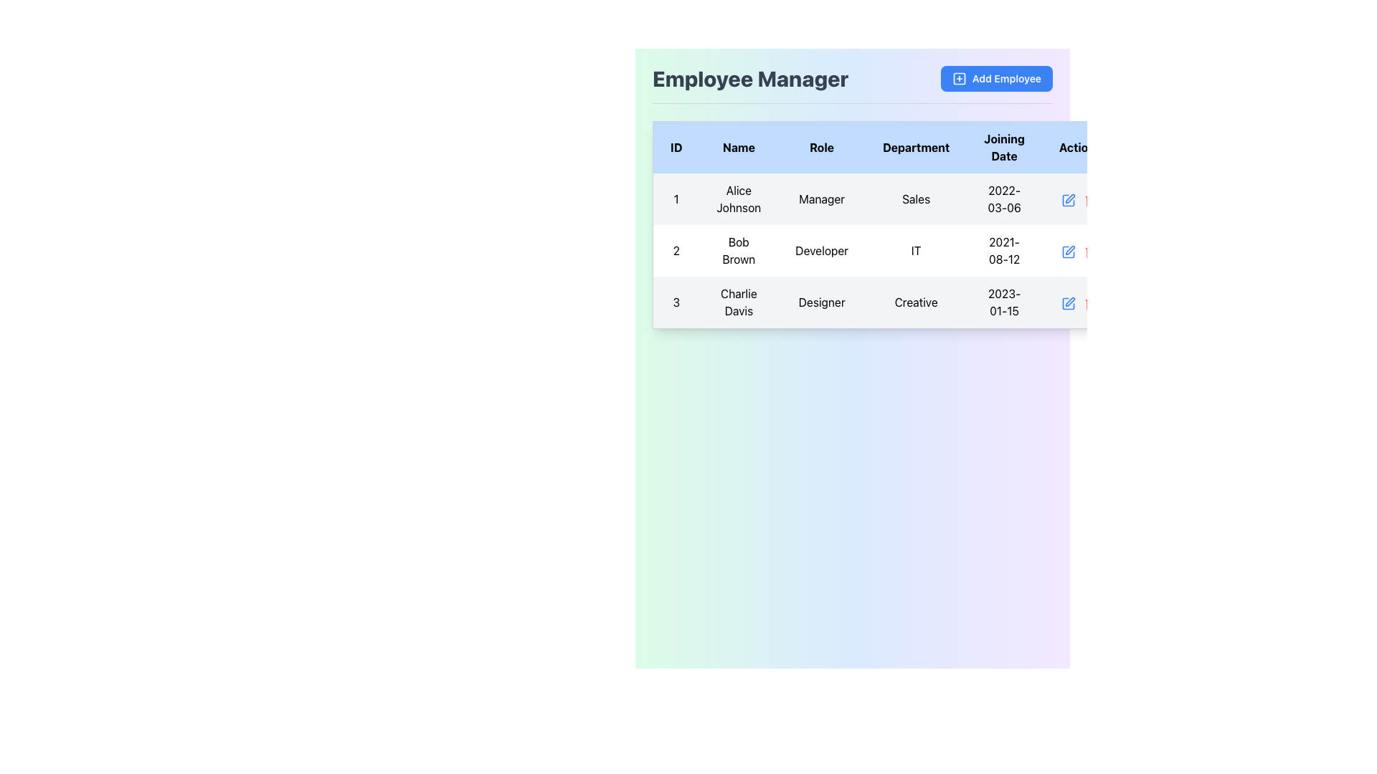 Image resolution: width=1377 pixels, height=774 pixels. Describe the element at coordinates (885, 250) in the screenshot. I see `keyboard navigation` at that location.